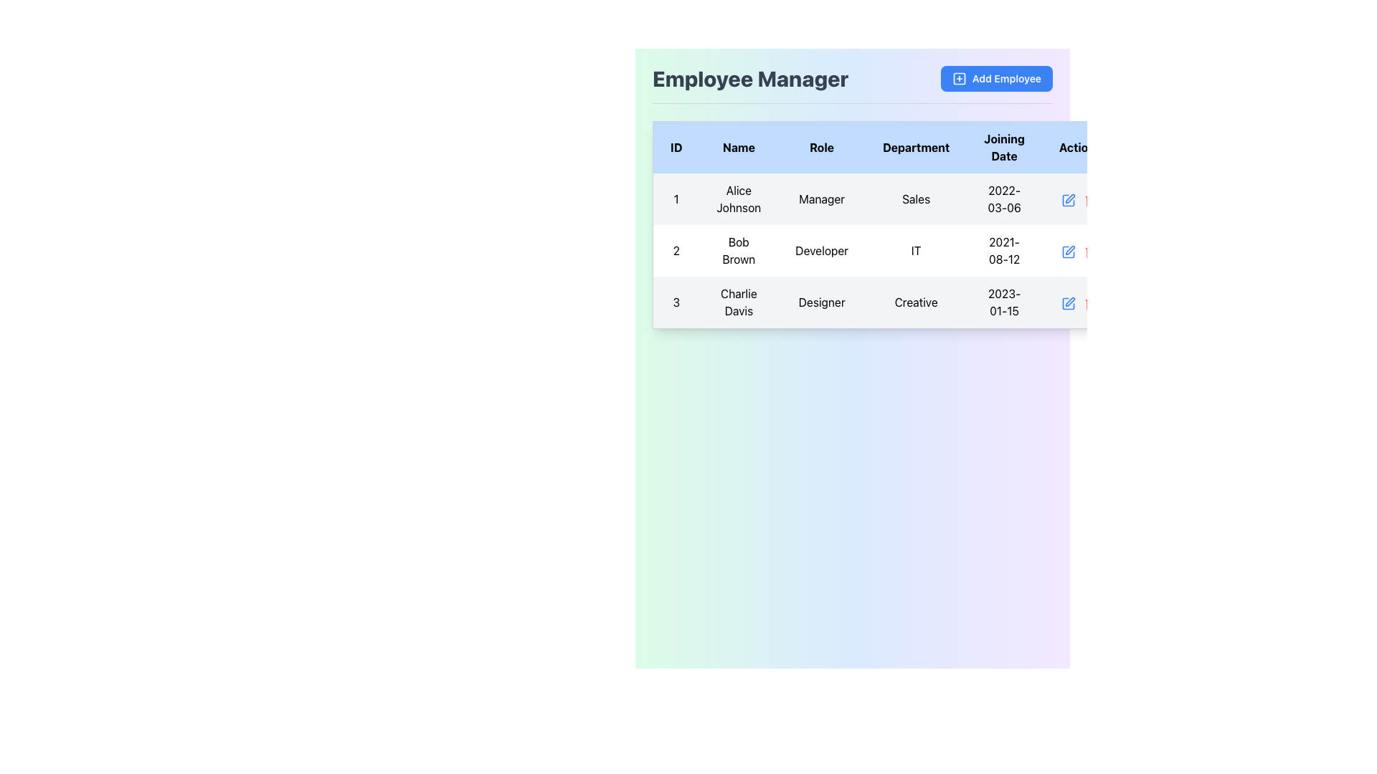 Image resolution: width=1377 pixels, height=774 pixels. Describe the element at coordinates (885, 250) in the screenshot. I see `keyboard navigation` at that location.